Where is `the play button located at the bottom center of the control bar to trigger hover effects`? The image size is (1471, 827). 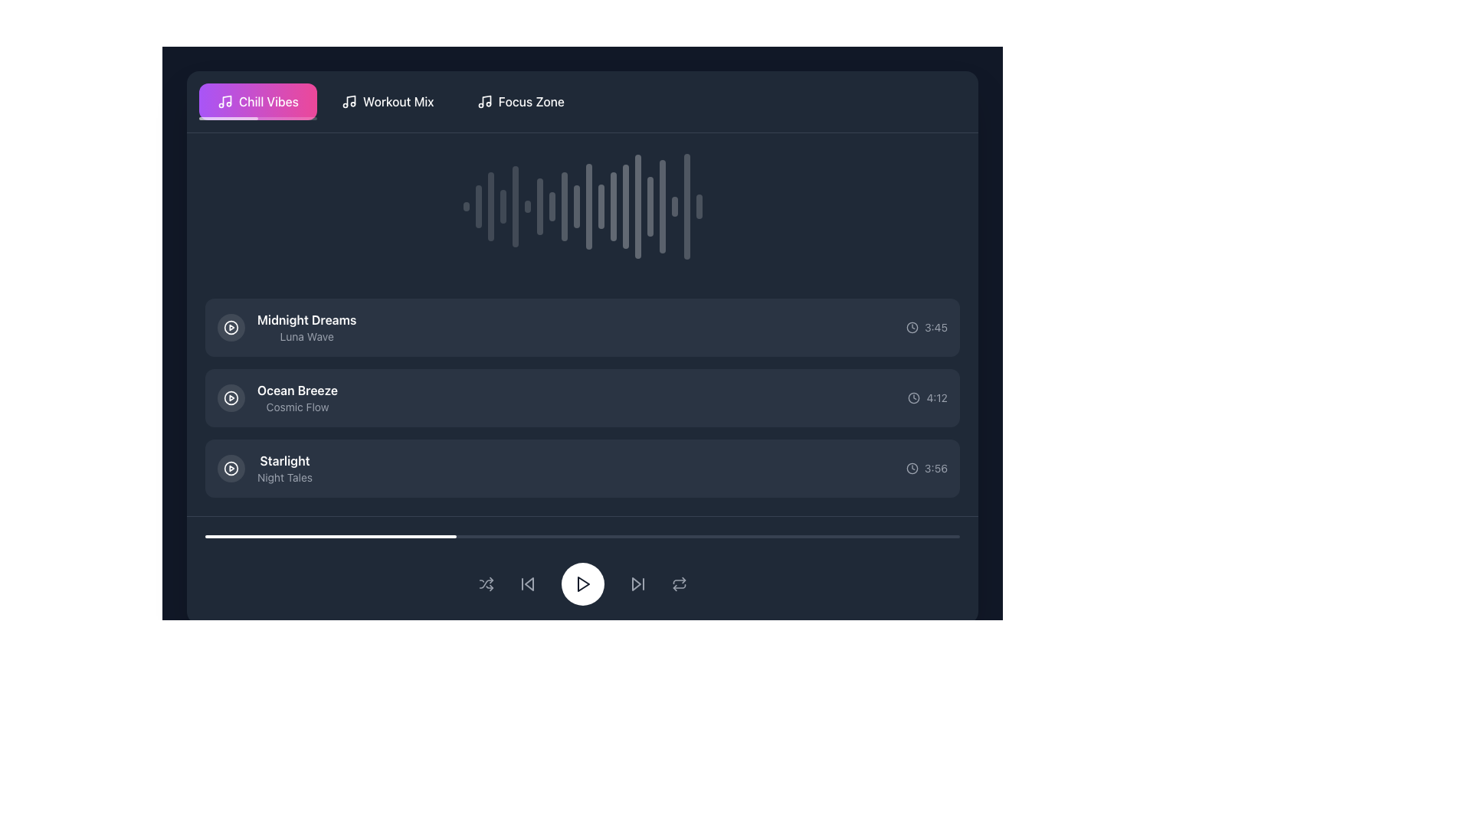
the play button located at the bottom center of the control bar to trigger hover effects is located at coordinates (582, 584).